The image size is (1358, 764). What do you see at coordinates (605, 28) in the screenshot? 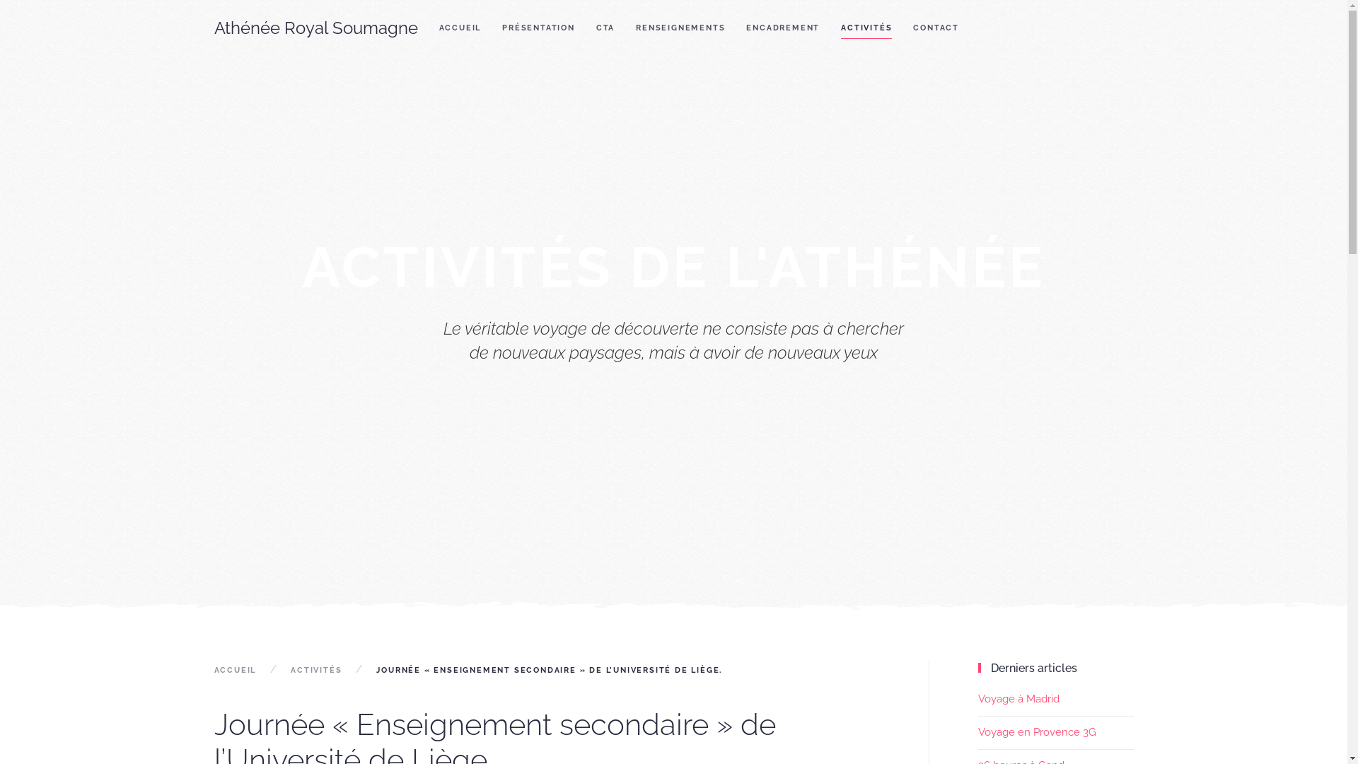
I see `'CTA'` at bounding box center [605, 28].